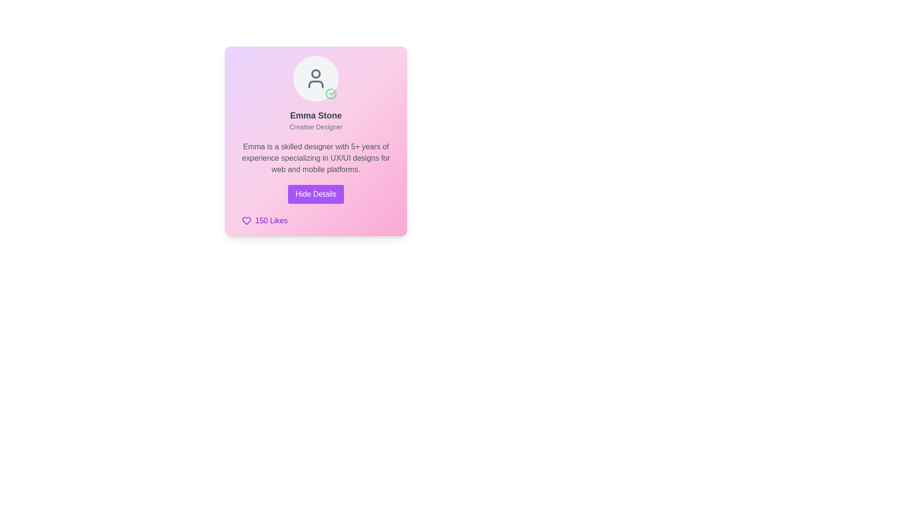 The width and height of the screenshot is (911, 512). Describe the element at coordinates (316, 78) in the screenshot. I see `the Profile Picture or Avatar Indicator for 'Emma Stone', which is located at the top-center of the card, above her name and designation` at that location.